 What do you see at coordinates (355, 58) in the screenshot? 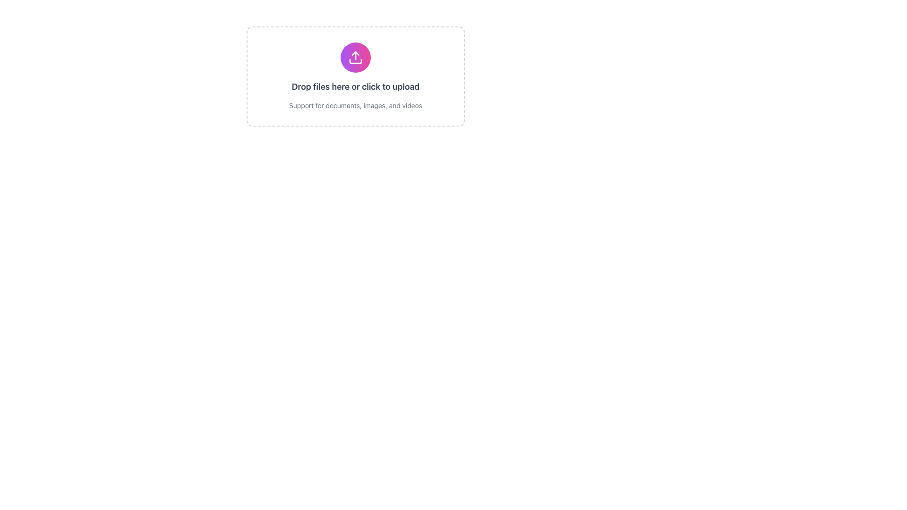
I see `the center of the circular upload button with a gradient background and a white upward-pointing arrow icon` at bounding box center [355, 58].